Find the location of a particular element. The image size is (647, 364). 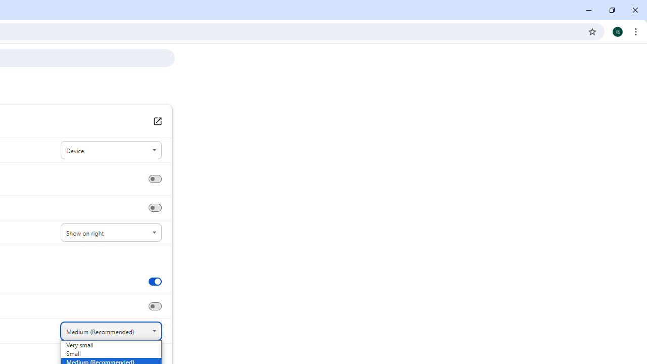

'Small' is located at coordinates (98, 353).